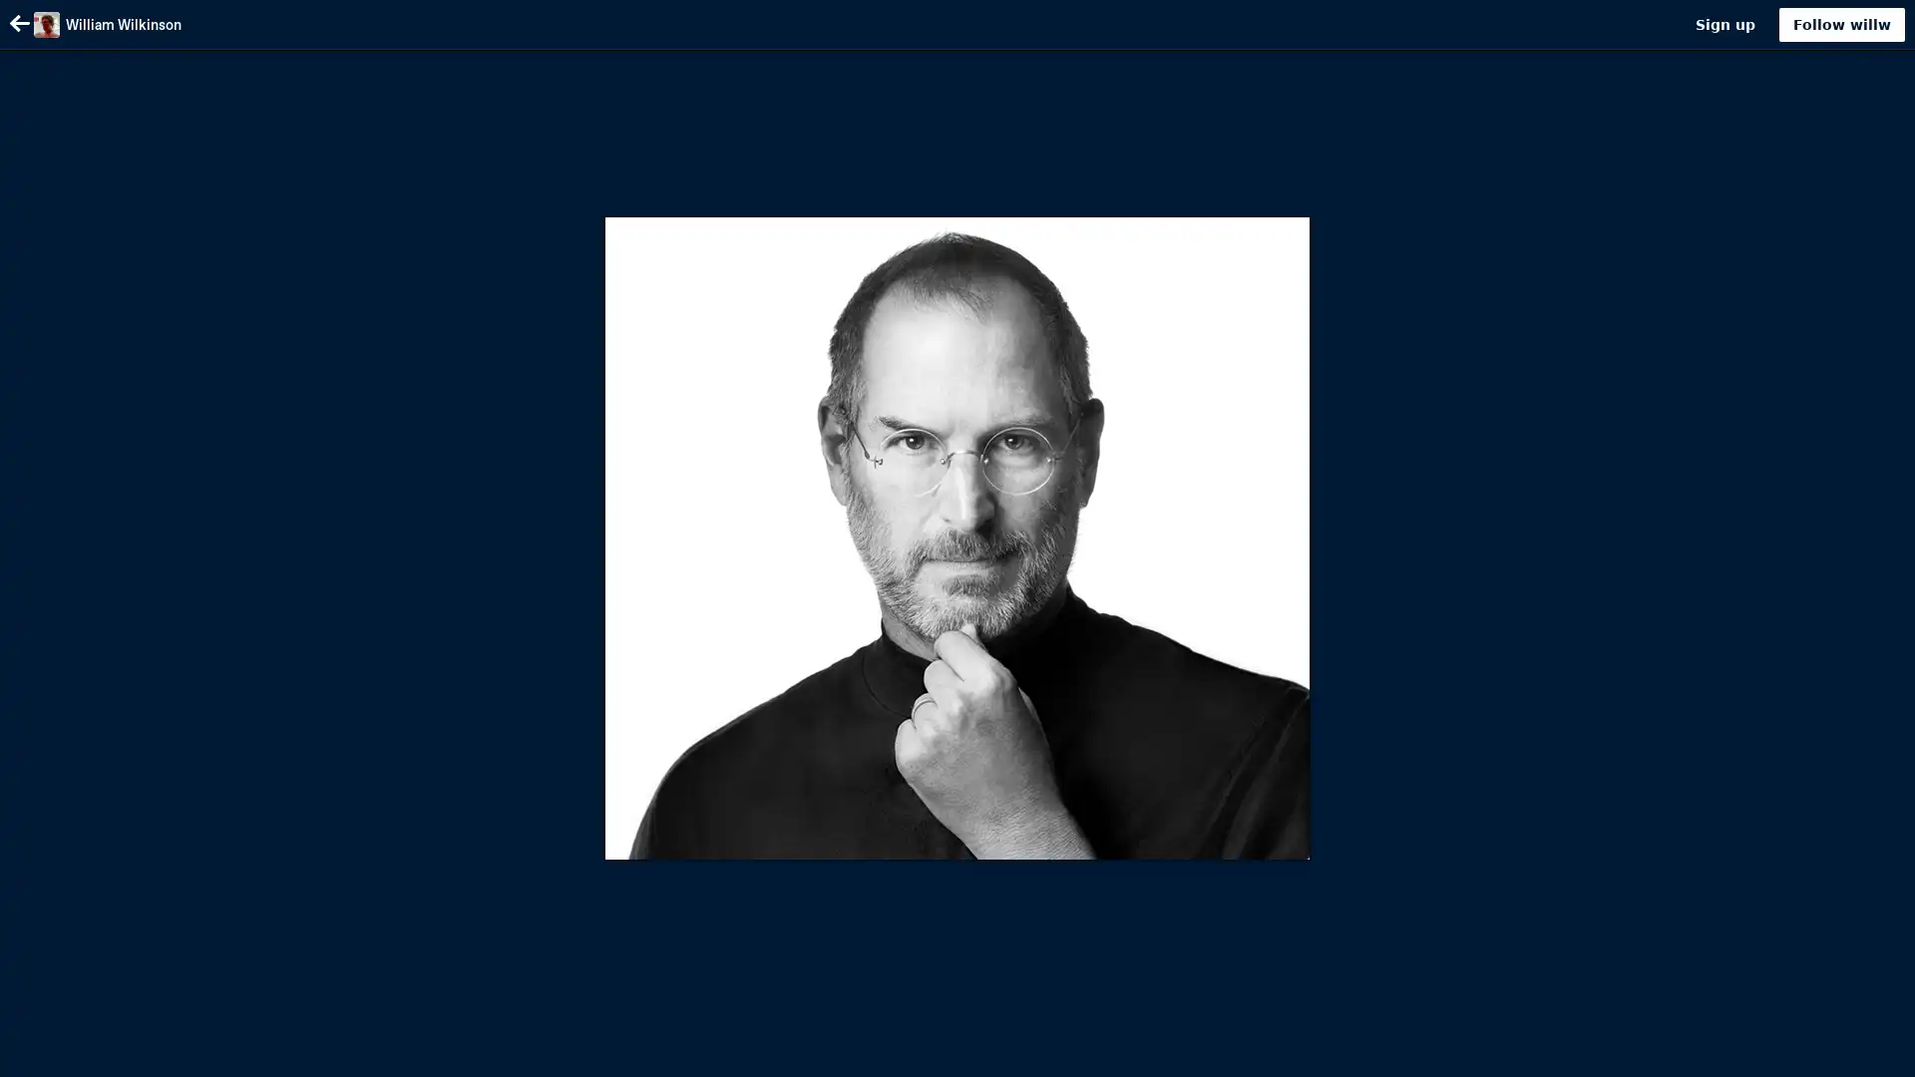  I want to click on Scroll to top, so click(1875, 1054).